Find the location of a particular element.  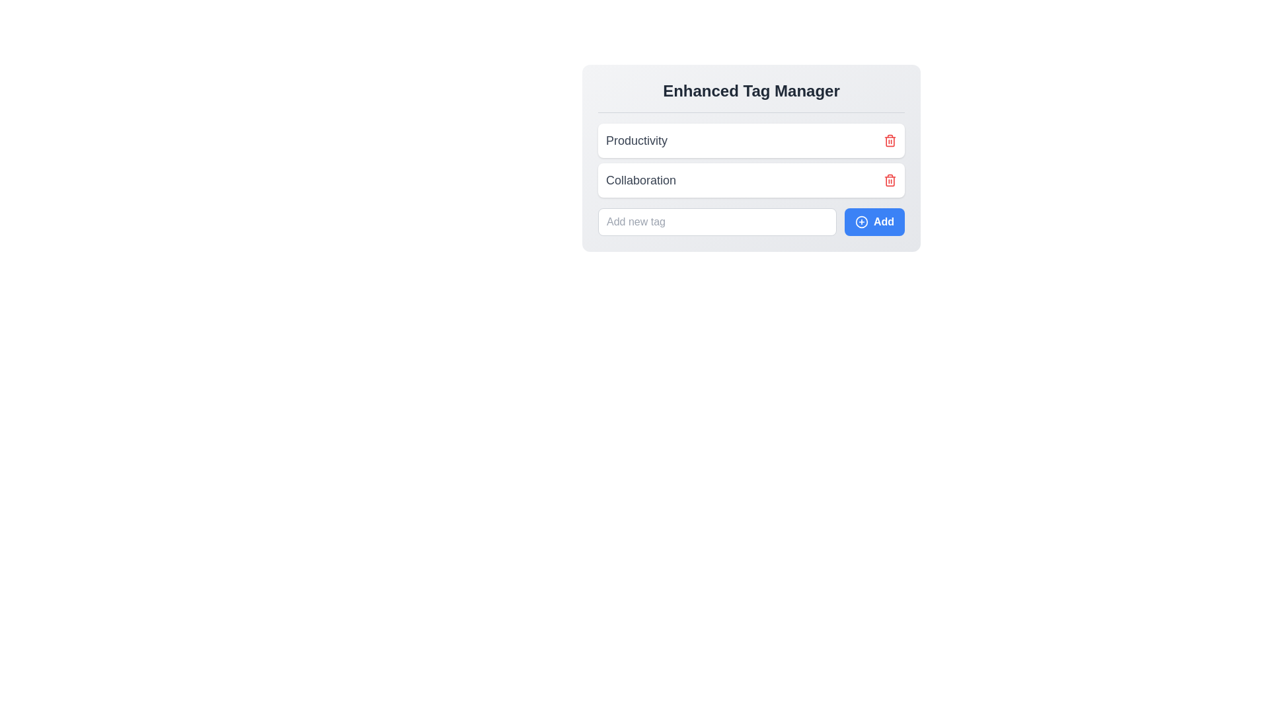

the delete button for the 'Productivity' tag, which is a trash icon located to the far right of the 'Productivity' label is located at coordinates (890, 140).